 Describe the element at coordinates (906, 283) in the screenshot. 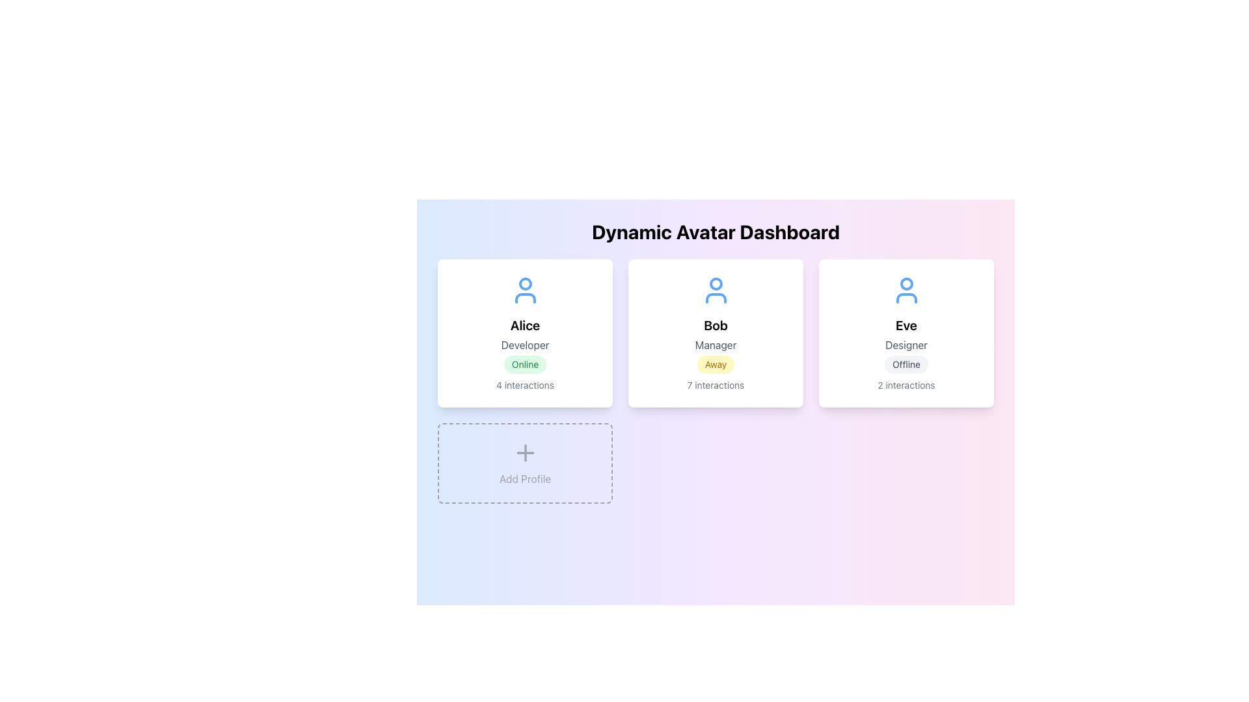

I see `the SVG circle graphic element that represents the head part of the avatar glyph for the user profile in the third card labeled 'Eve'` at that location.